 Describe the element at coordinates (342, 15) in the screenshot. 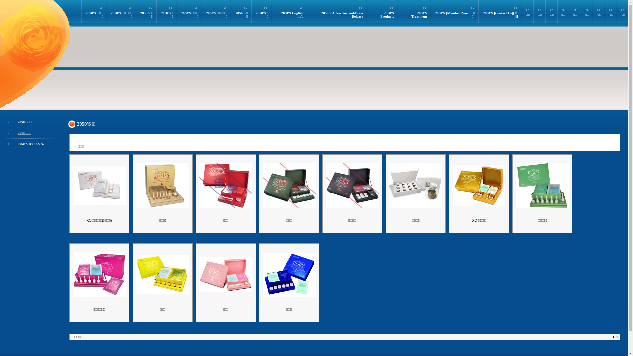

I see `'2050'S Advertisement/Press Release'` at that location.